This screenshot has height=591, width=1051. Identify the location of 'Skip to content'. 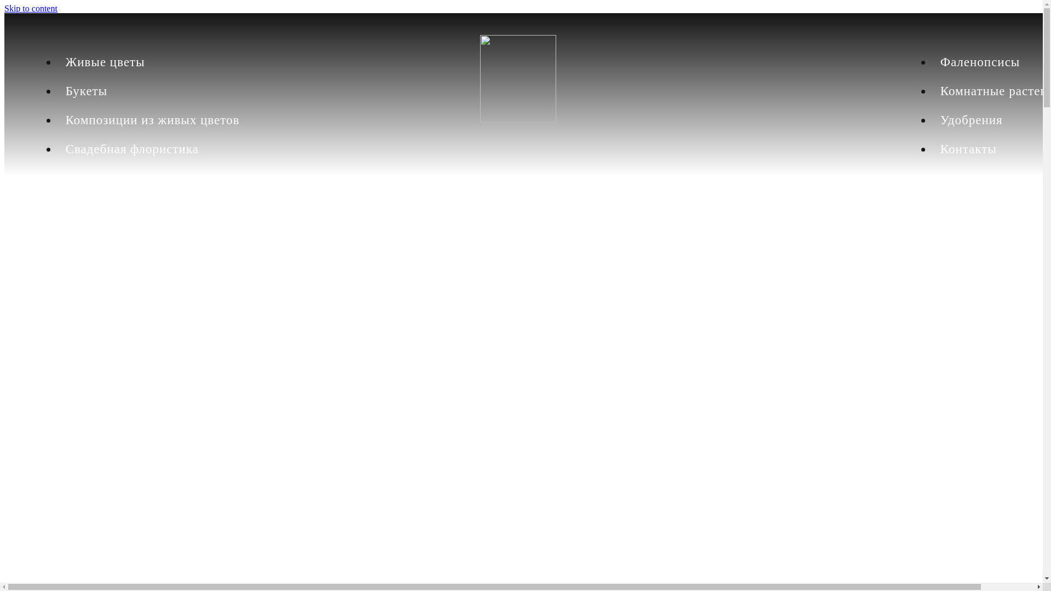
(31, 8).